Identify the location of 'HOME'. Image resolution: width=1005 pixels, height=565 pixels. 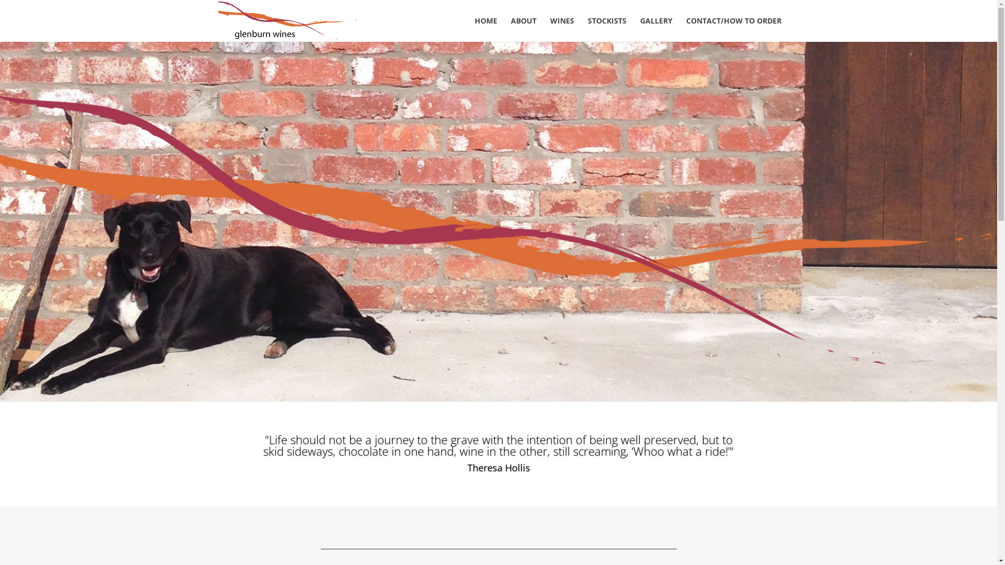
(485, 29).